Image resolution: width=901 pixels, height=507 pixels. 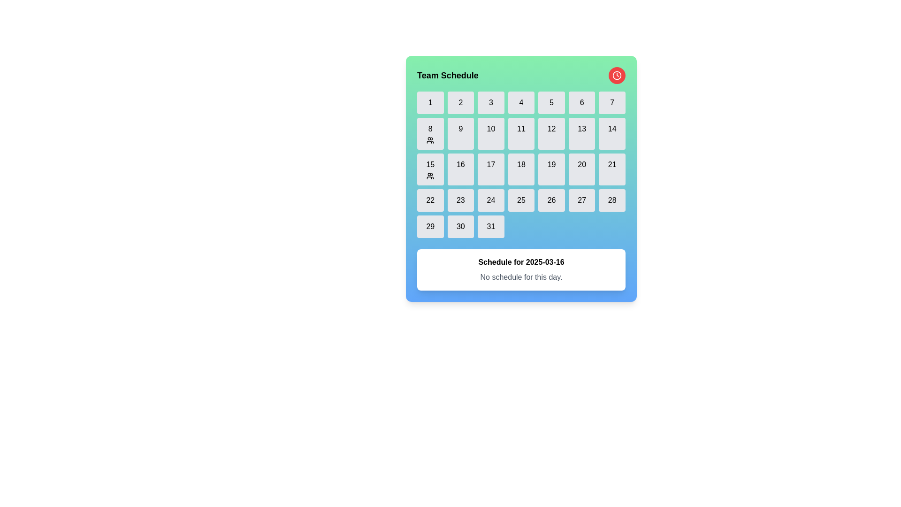 I want to click on number displayed in the numeric label showing '9', which is located in the calendar grid as the fifth entry in the second row, so click(x=460, y=129).